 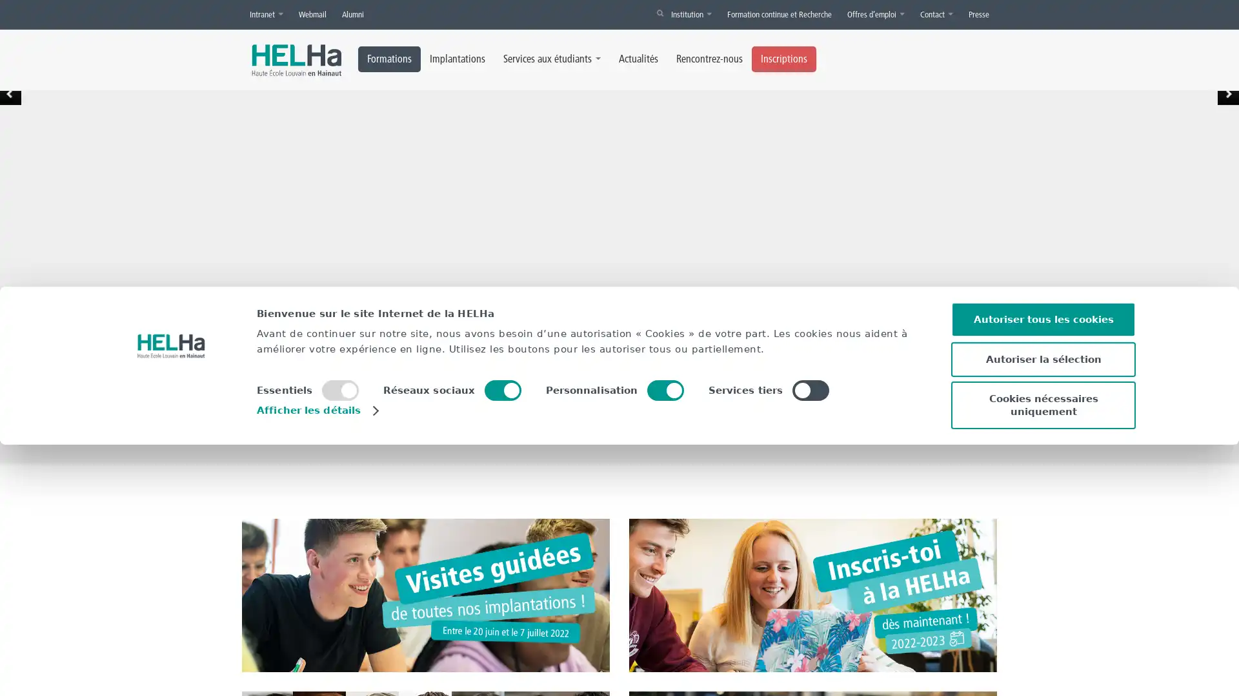 I want to click on Autoriser la selection, so click(x=1043, y=610).